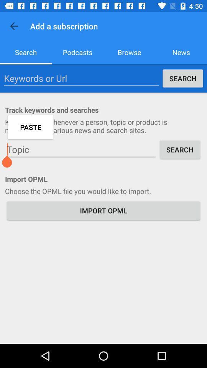  I want to click on search topic option, so click(81, 149).